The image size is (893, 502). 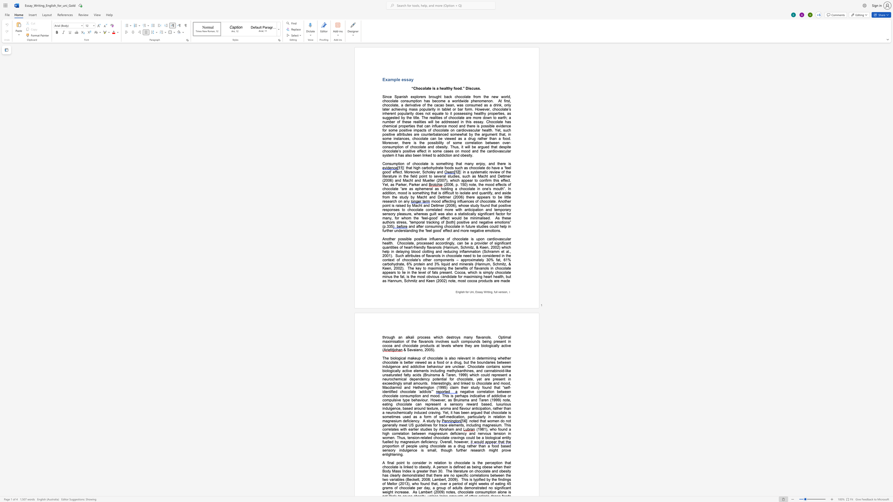 What do you see at coordinates (485, 163) in the screenshot?
I see `the space between the continuous character "y" and "," in the text` at bounding box center [485, 163].